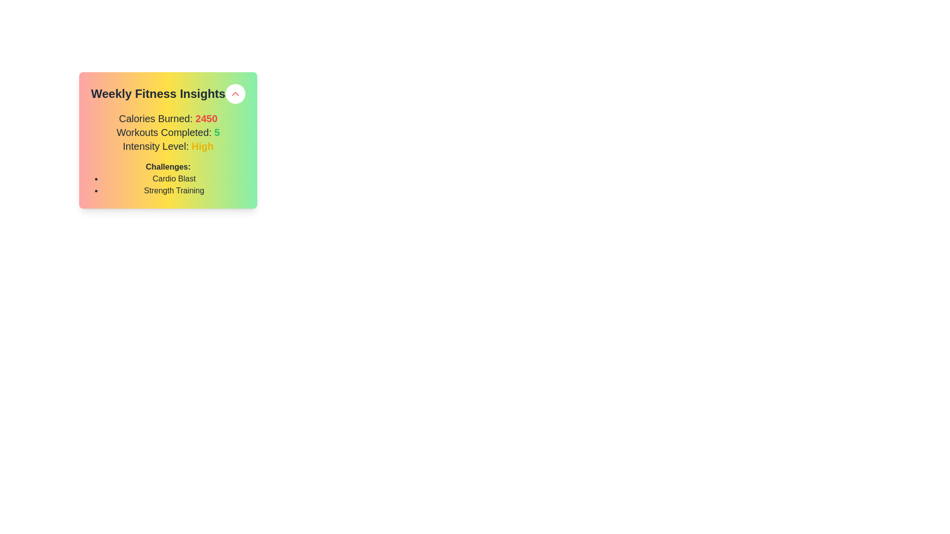  What do you see at coordinates (168, 132) in the screenshot?
I see `contents of the Text block displaying detailed fitness metrics, which is the first major block of informational text within the 'Weekly Fitness Insights' section` at bounding box center [168, 132].